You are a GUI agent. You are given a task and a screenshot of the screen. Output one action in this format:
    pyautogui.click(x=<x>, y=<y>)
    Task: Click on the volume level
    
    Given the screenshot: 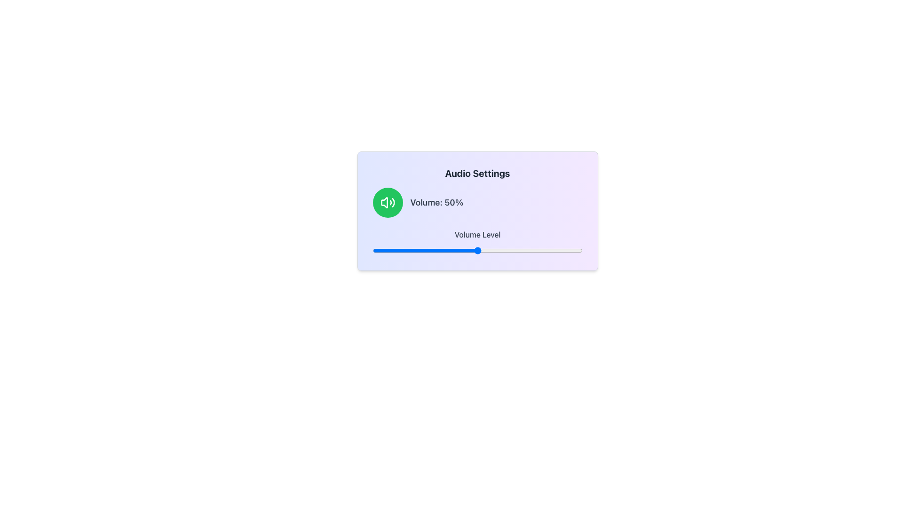 What is the action you would take?
    pyautogui.click(x=506, y=250)
    